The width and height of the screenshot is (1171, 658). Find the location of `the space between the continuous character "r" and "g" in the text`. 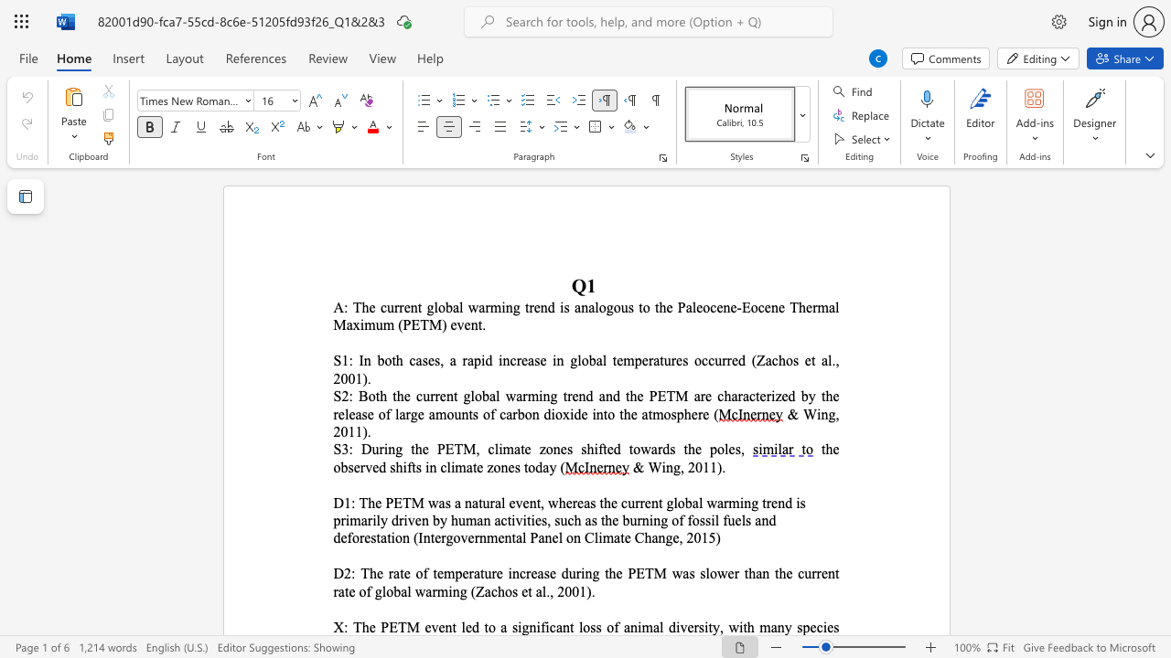

the space between the continuous character "r" and "g" in the text is located at coordinates (410, 414).